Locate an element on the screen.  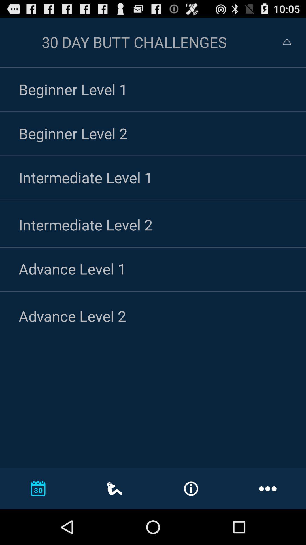
the expand_less icon is located at coordinates (282, 45).